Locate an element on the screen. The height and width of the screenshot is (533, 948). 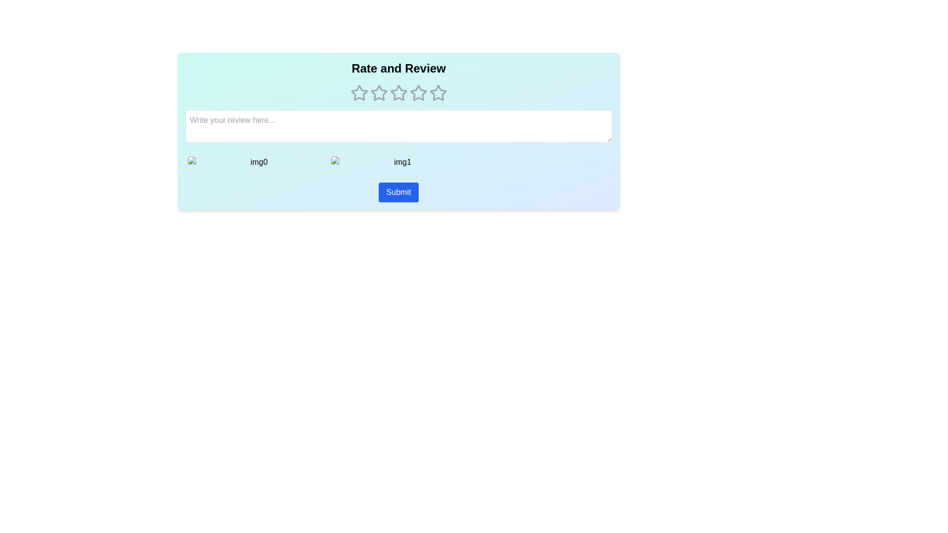
the star corresponding to 1 stars to preview the rating is located at coordinates (358, 93).